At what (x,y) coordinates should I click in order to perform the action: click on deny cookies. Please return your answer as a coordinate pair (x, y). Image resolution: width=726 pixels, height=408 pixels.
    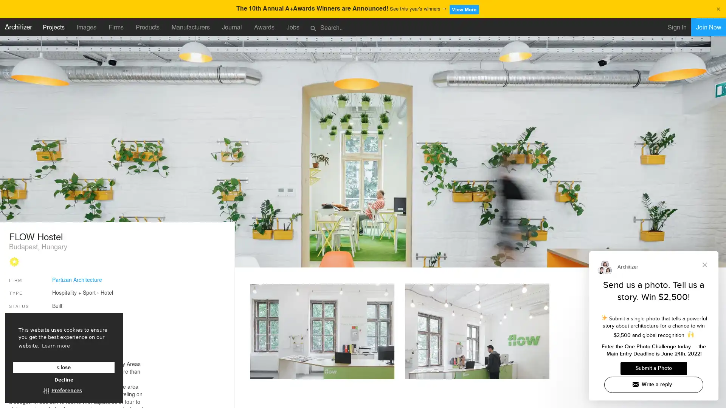
    Looking at the image, I should click on (64, 380).